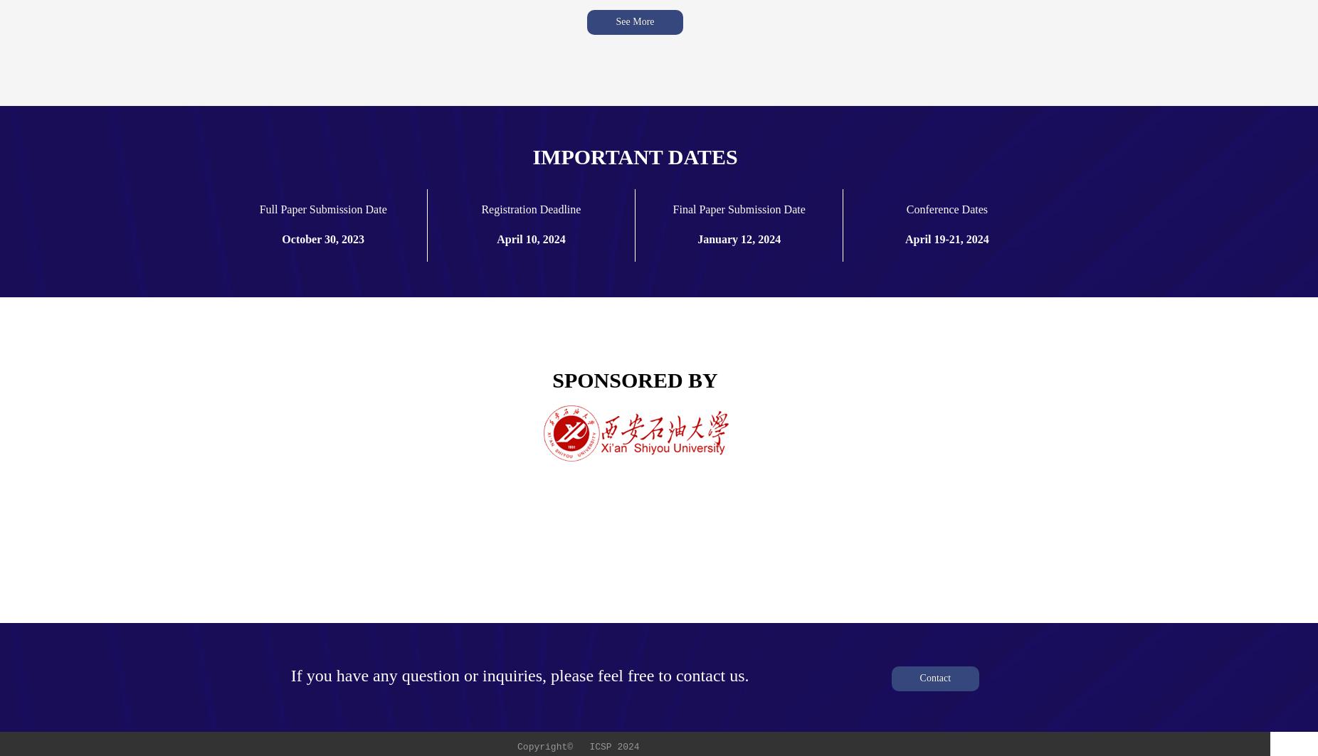 The height and width of the screenshot is (756, 1318). What do you see at coordinates (322, 238) in the screenshot?
I see `'October 30, 2023'` at bounding box center [322, 238].